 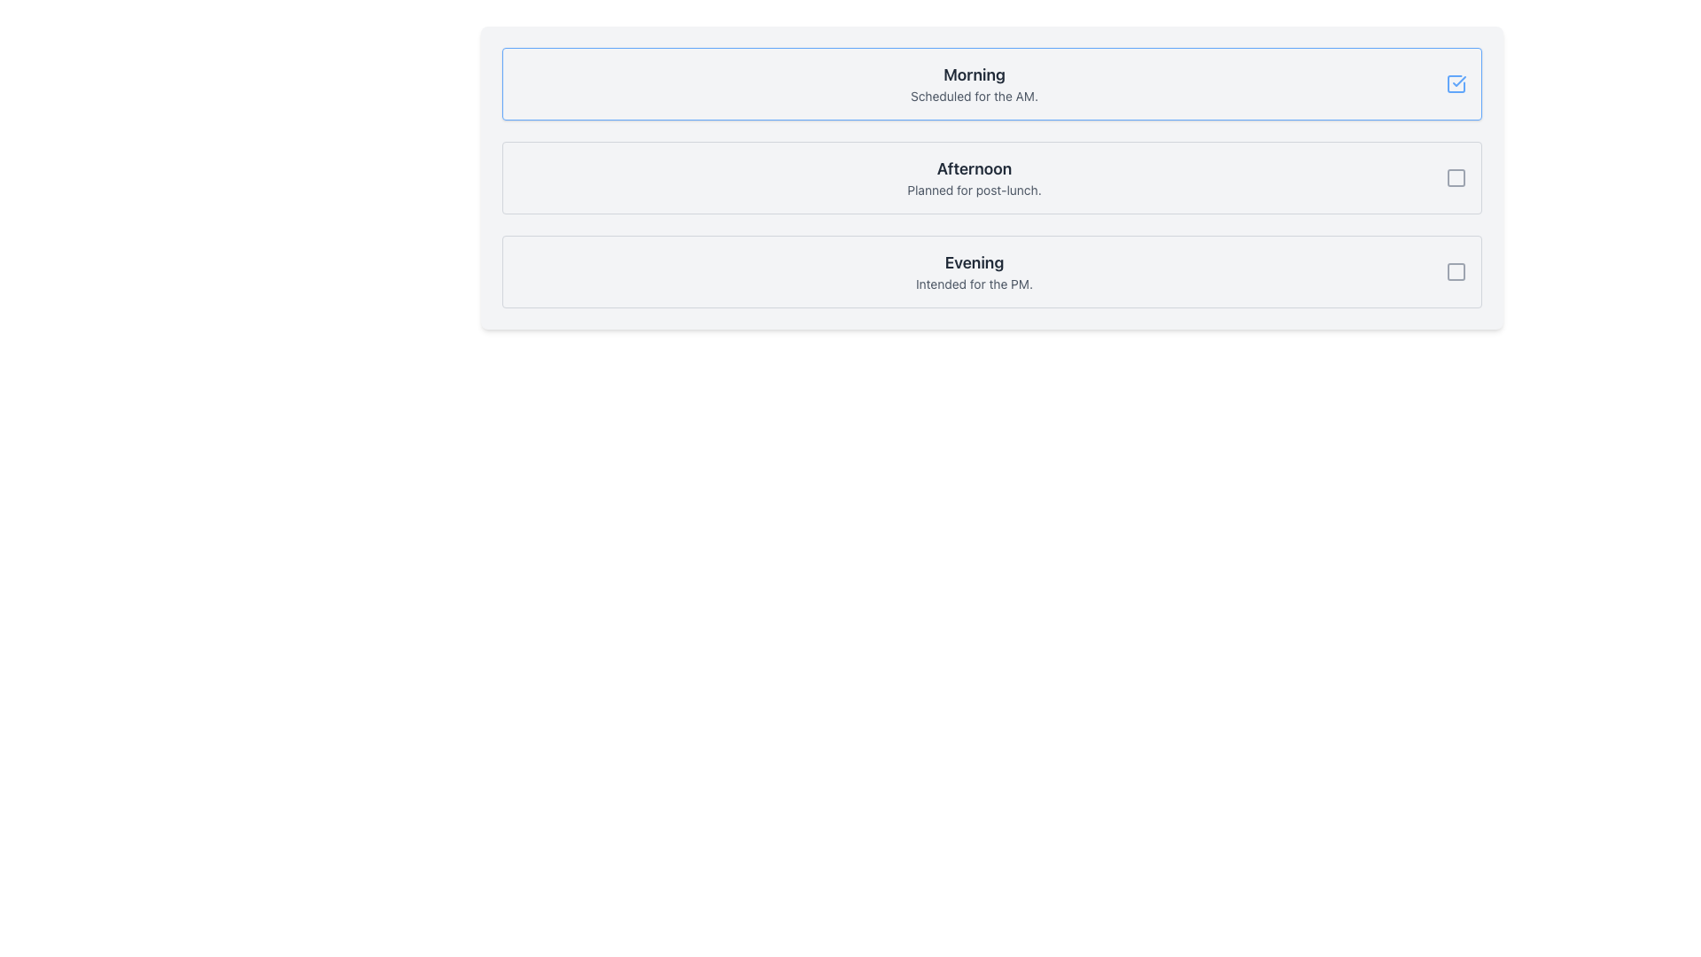 I want to click on the checkbox for the 'Morning' section to determine if it is checked or unchecked, so click(x=1456, y=84).